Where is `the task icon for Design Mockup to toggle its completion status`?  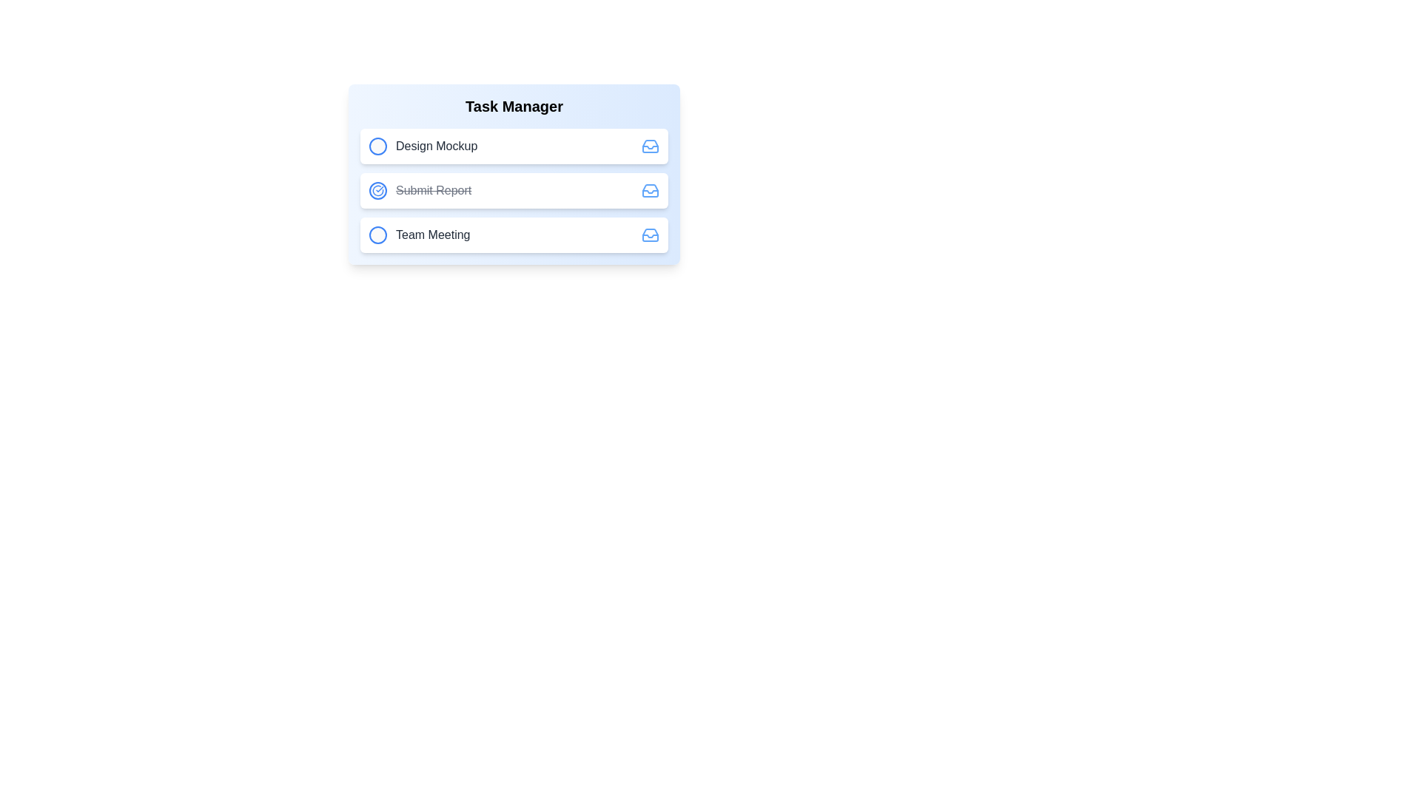
the task icon for Design Mockup to toggle its completion status is located at coordinates (377, 146).